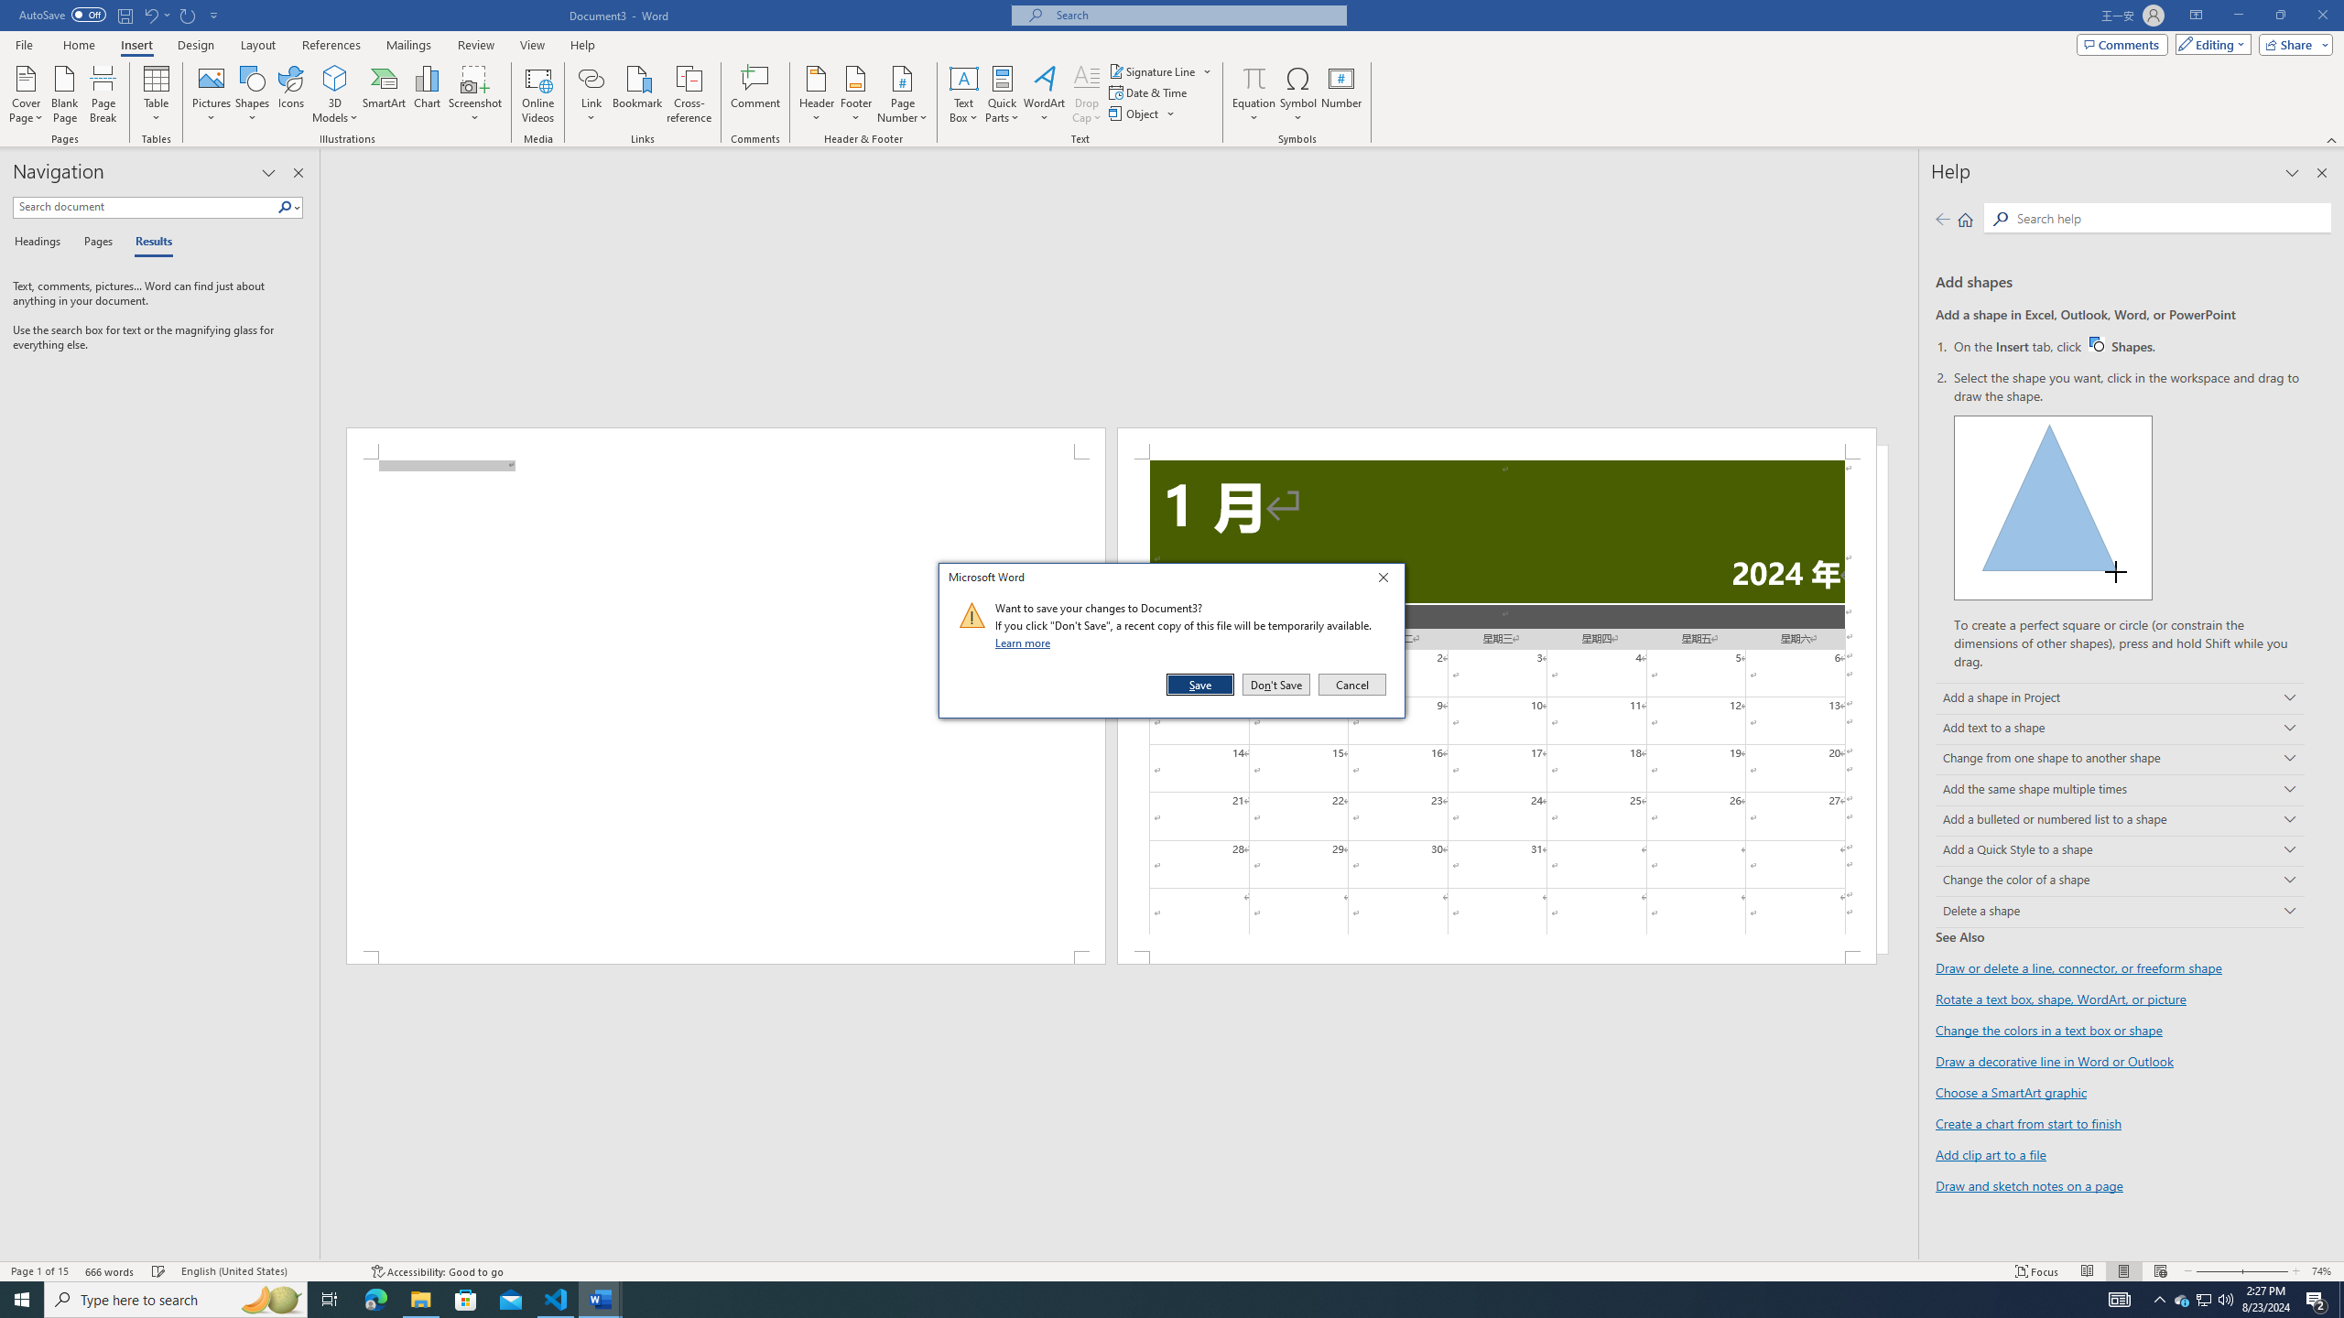 Image resolution: width=2344 pixels, height=1318 pixels. Describe the element at coordinates (754, 94) in the screenshot. I see `'Comment'` at that location.